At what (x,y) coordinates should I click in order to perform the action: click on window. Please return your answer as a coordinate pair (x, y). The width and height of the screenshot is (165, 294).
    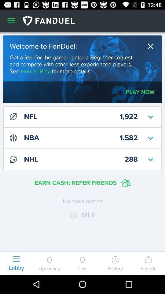
    Looking at the image, I should click on (152, 46).